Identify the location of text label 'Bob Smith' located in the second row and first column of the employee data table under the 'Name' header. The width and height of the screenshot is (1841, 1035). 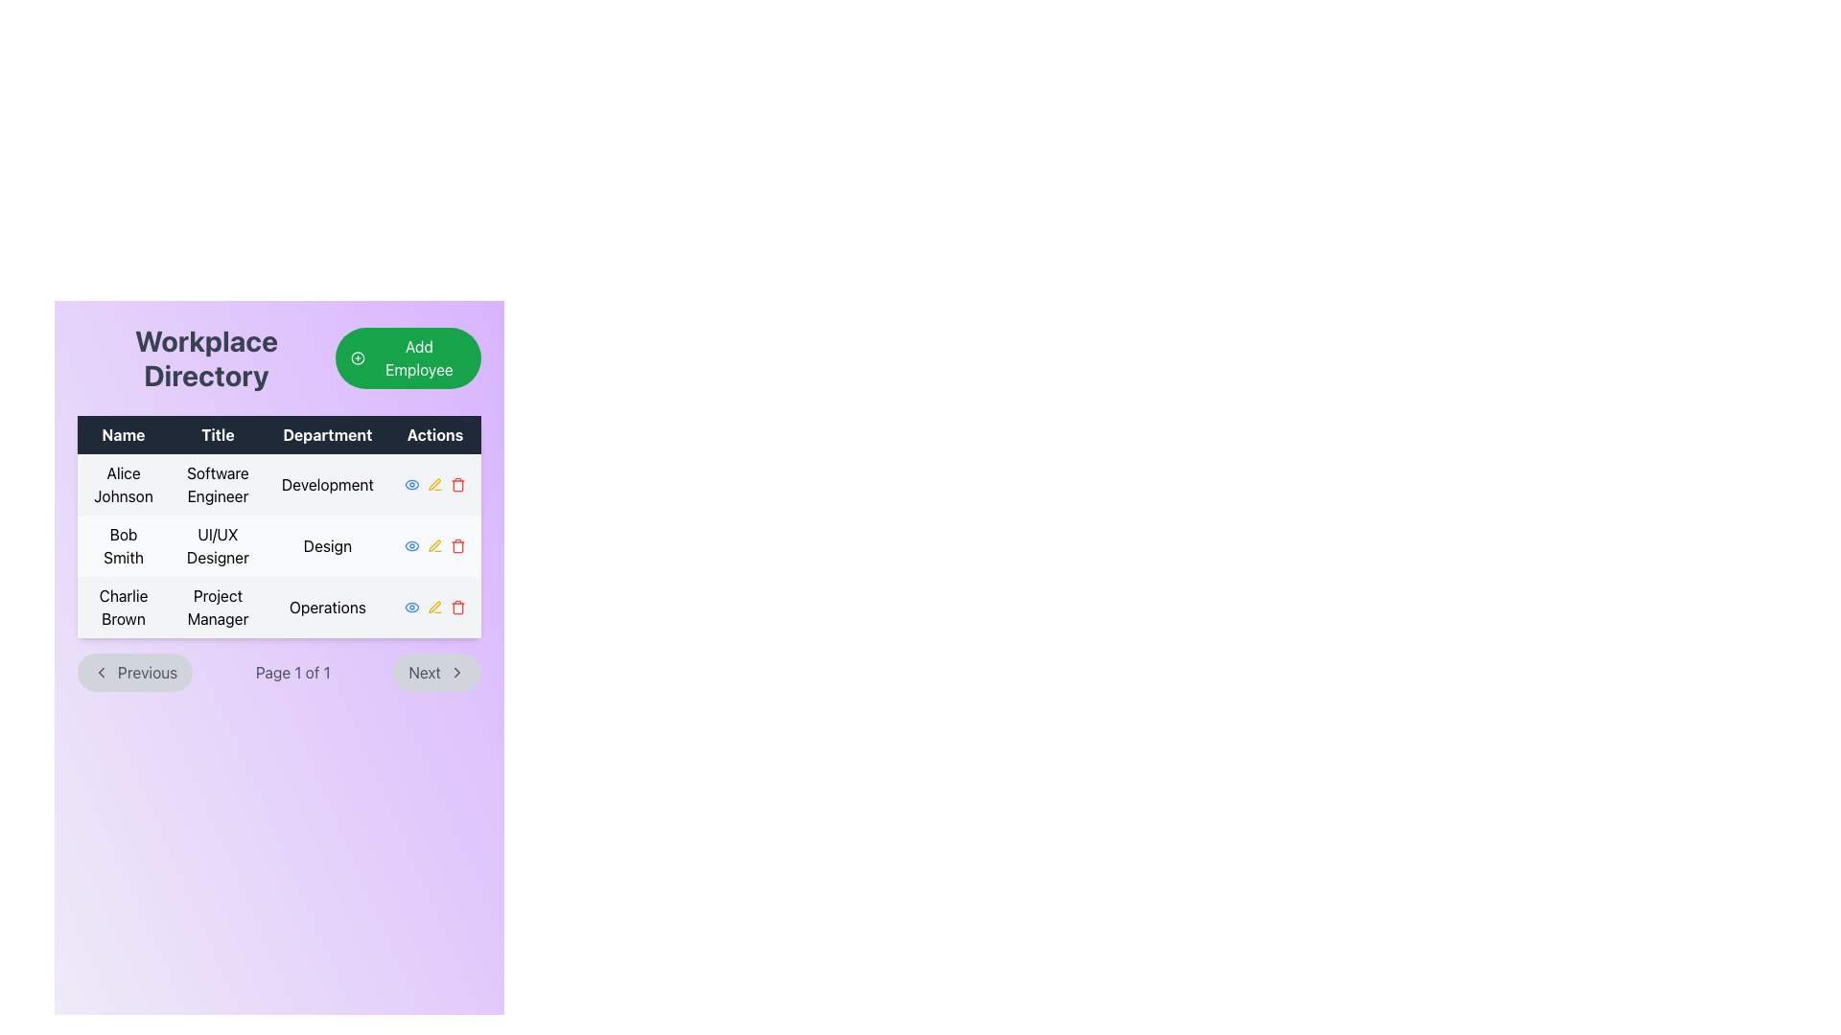
(123, 546).